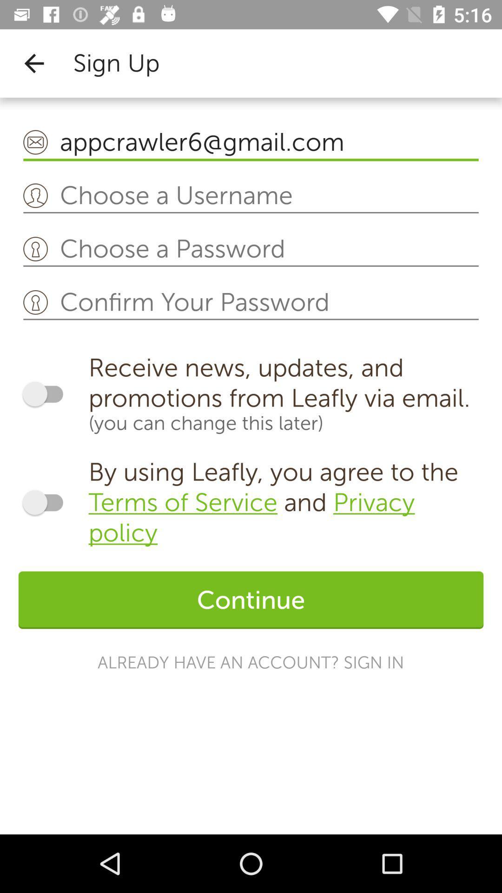 The height and width of the screenshot is (893, 502). Describe the element at coordinates (47, 502) in the screenshot. I see `agree to terms` at that location.